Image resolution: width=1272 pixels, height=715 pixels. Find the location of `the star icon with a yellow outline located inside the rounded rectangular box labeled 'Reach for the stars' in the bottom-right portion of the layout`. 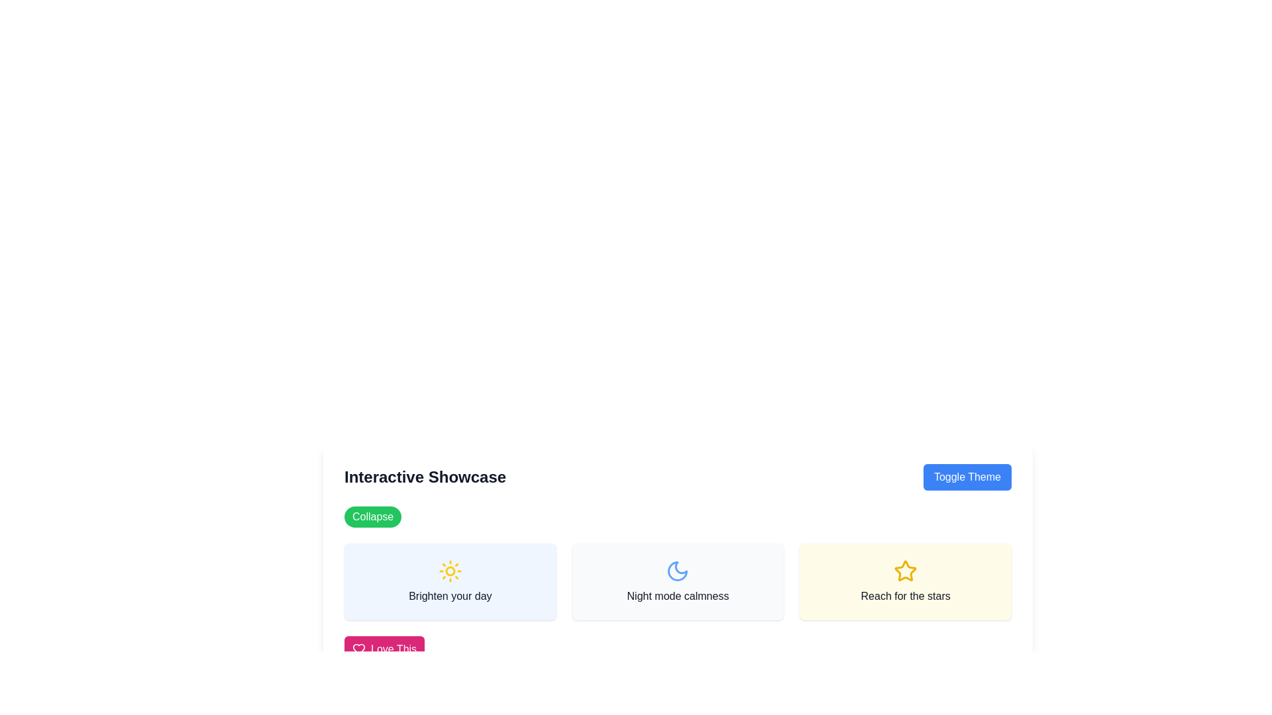

the star icon with a yellow outline located inside the rounded rectangular box labeled 'Reach for the stars' in the bottom-right portion of the layout is located at coordinates (905, 571).